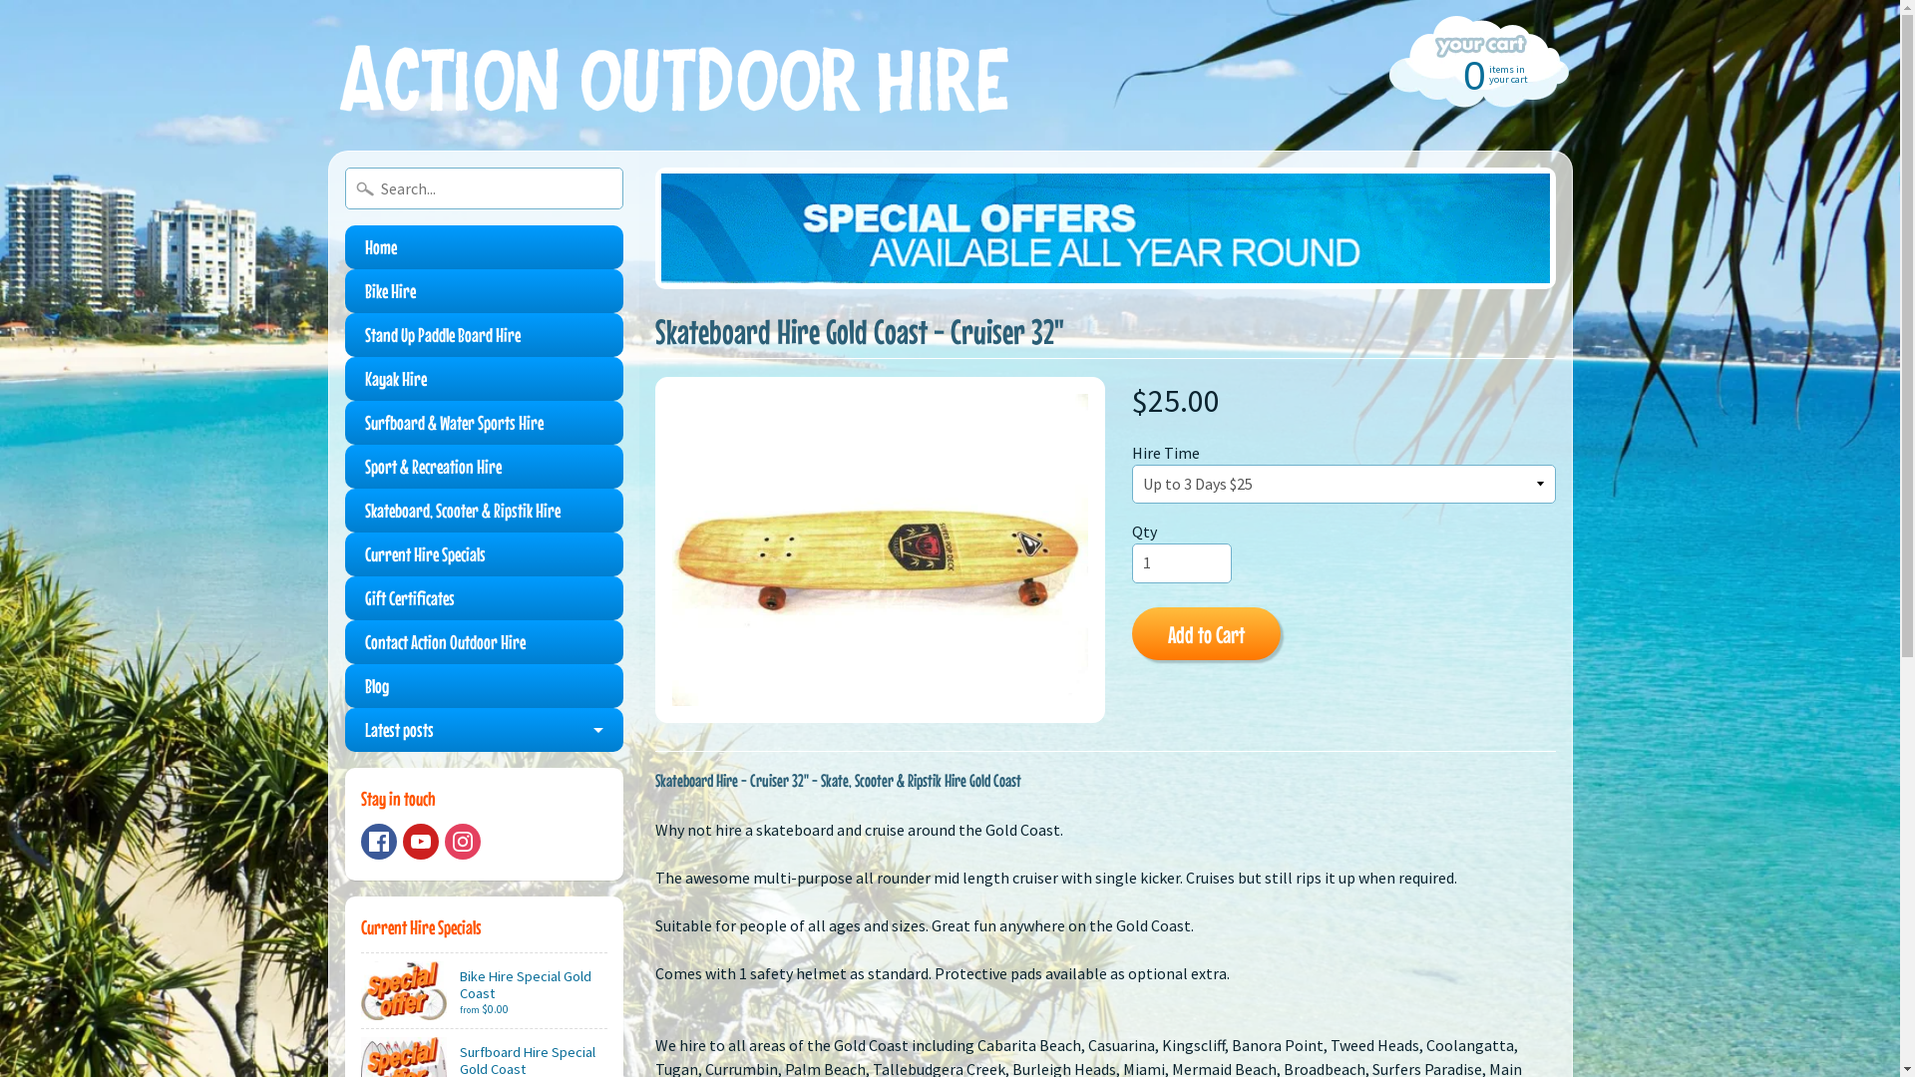 This screenshot has width=1915, height=1077. Describe the element at coordinates (484, 597) in the screenshot. I see `'Gift Certificates'` at that location.